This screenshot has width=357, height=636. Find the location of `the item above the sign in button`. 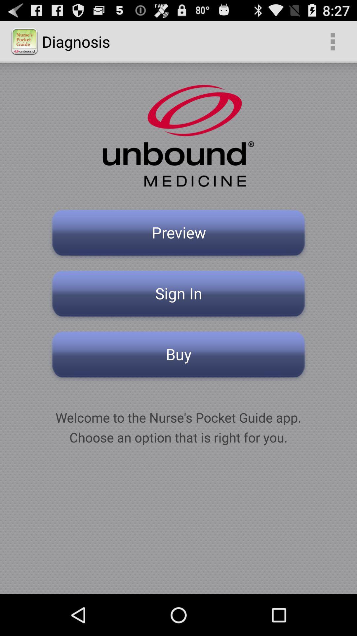

the item above the sign in button is located at coordinates (178, 235).